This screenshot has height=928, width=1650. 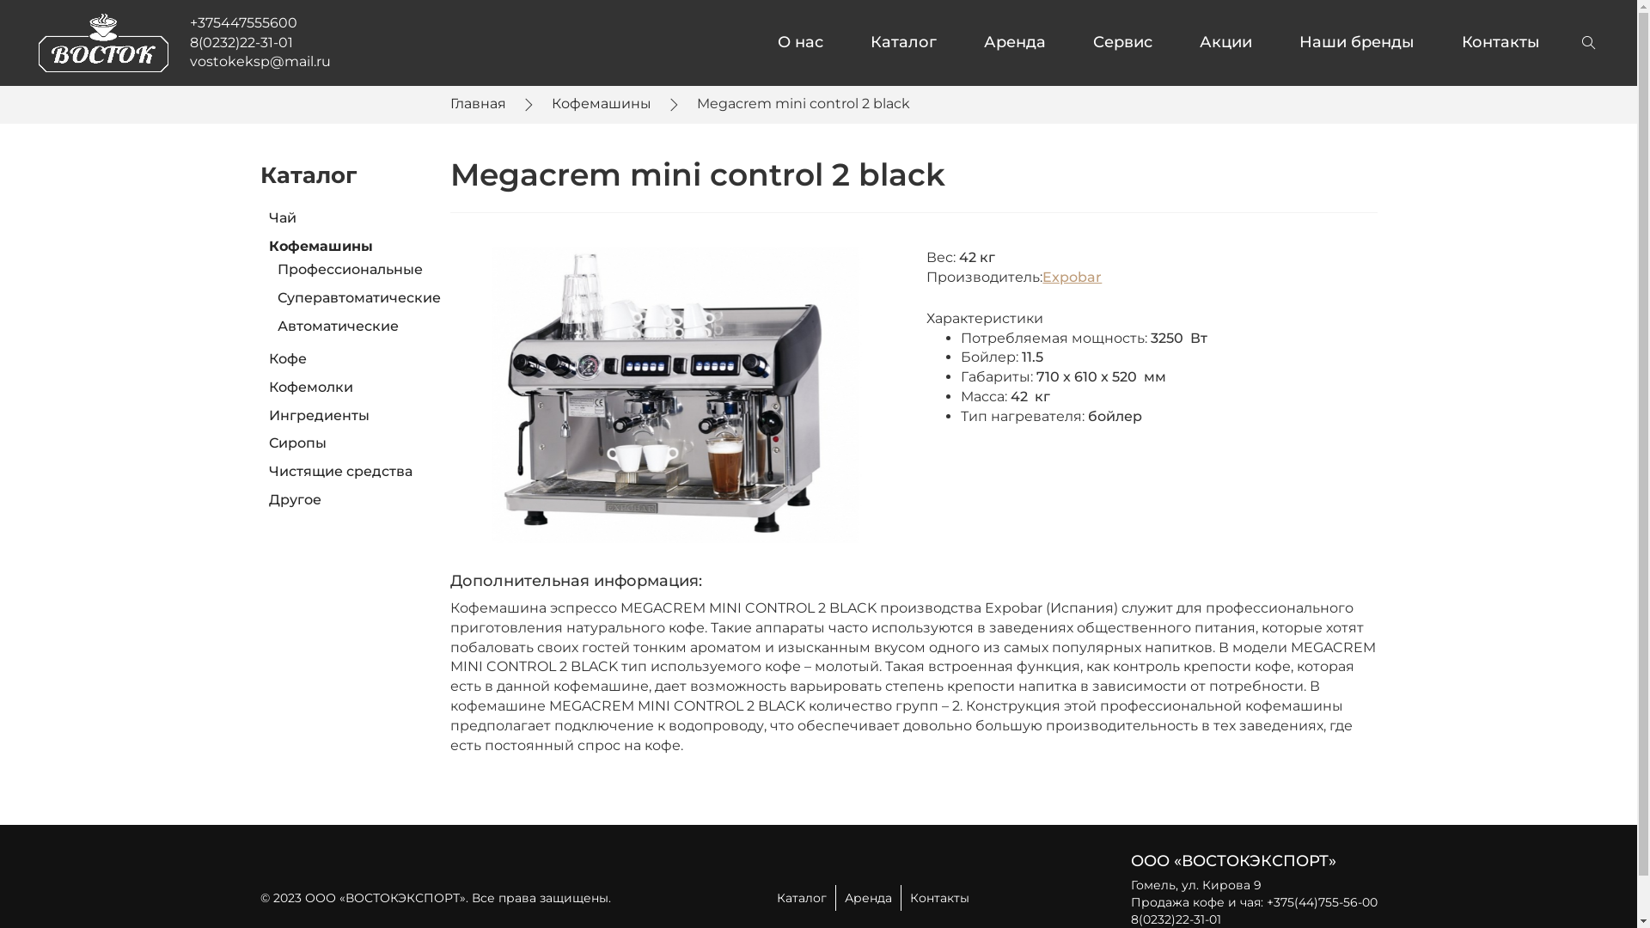 I want to click on '8(0232)22-31-01', so click(x=241, y=41).